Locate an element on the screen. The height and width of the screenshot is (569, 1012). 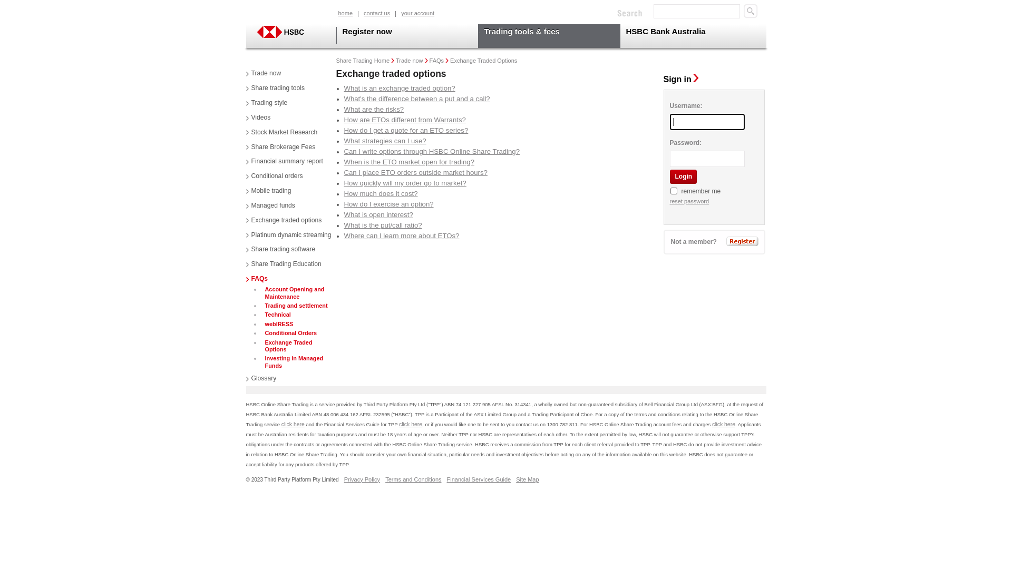
'Can I place ETO orders outside market hours?' is located at coordinates (414, 172).